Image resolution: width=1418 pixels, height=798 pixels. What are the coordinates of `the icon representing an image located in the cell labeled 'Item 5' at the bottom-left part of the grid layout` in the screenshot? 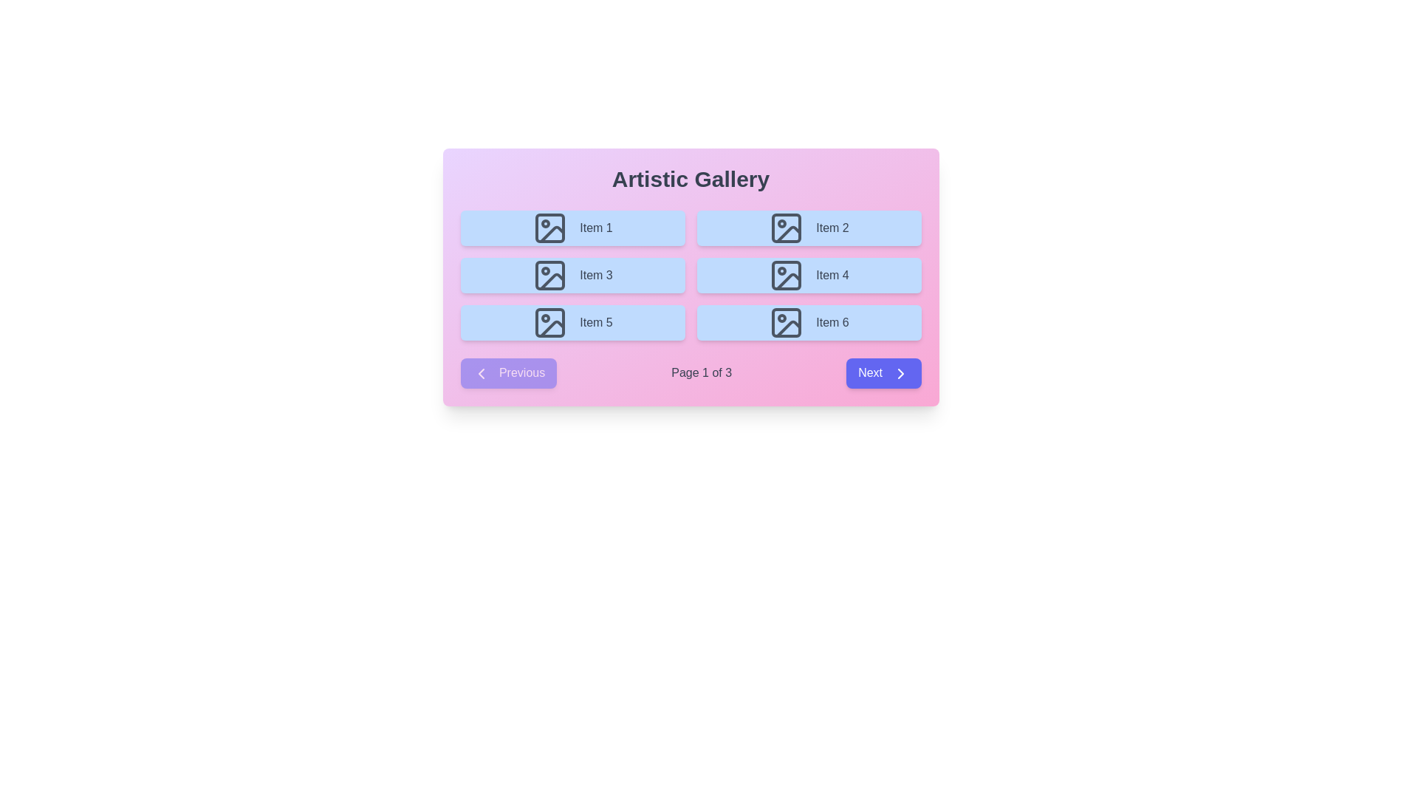 It's located at (549, 321).